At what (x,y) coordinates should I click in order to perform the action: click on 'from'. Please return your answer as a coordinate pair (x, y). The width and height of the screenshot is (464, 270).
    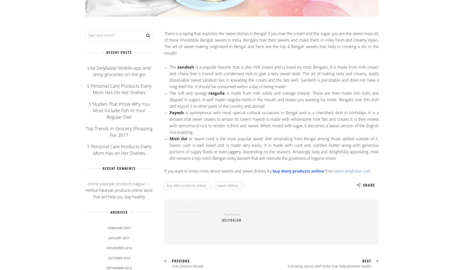
    Looking at the image, I should click on (329, 171).